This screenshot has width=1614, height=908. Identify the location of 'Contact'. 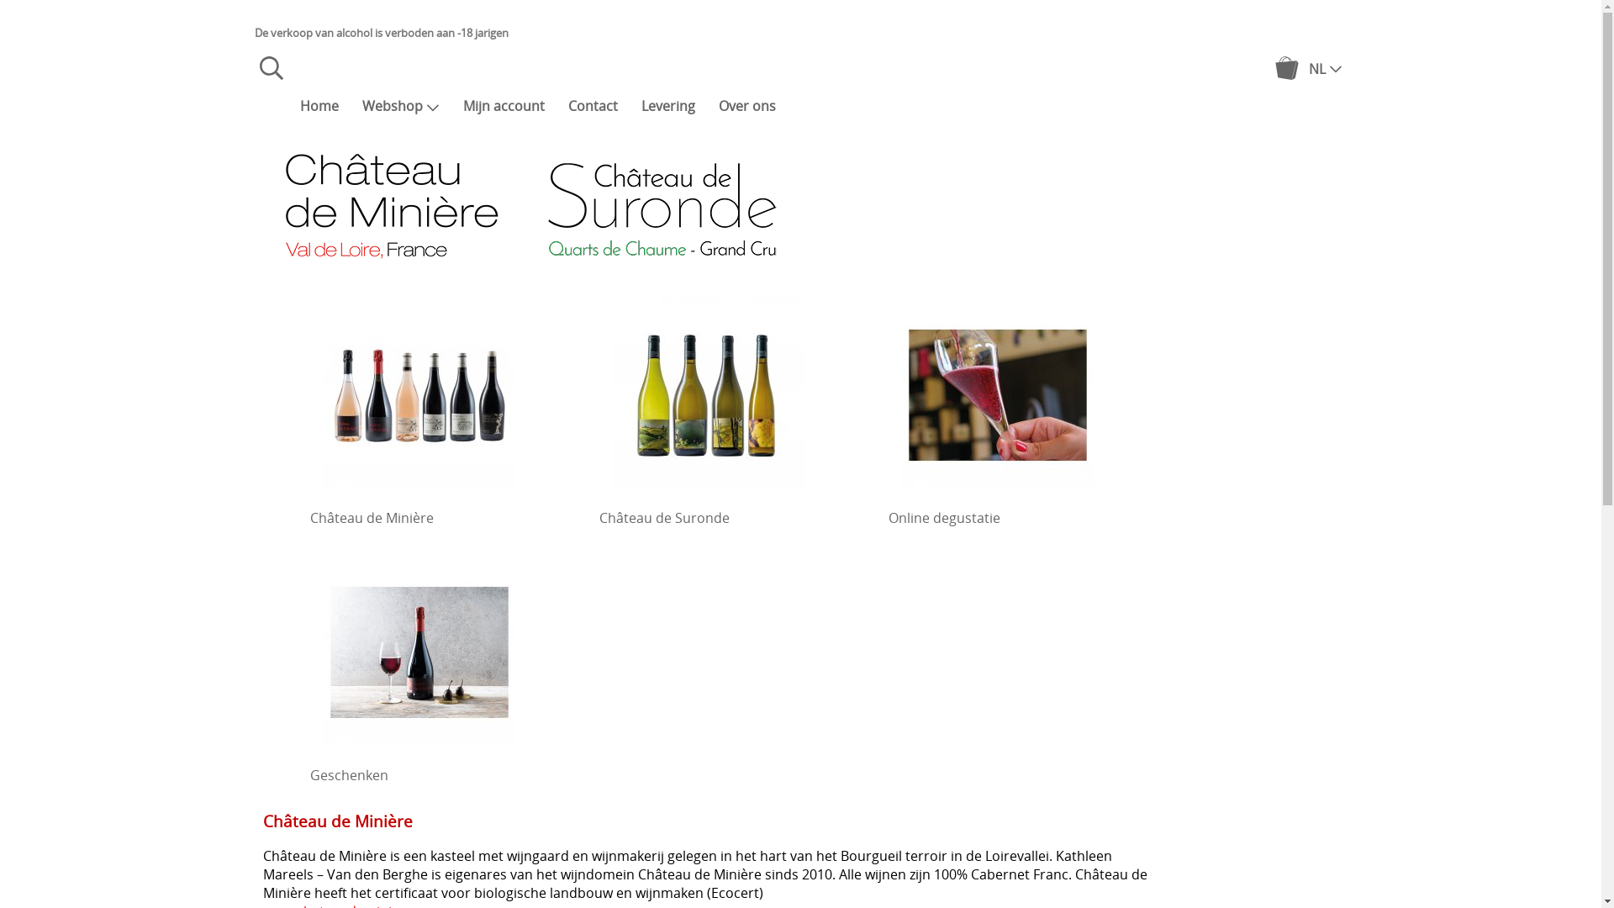
(556, 106).